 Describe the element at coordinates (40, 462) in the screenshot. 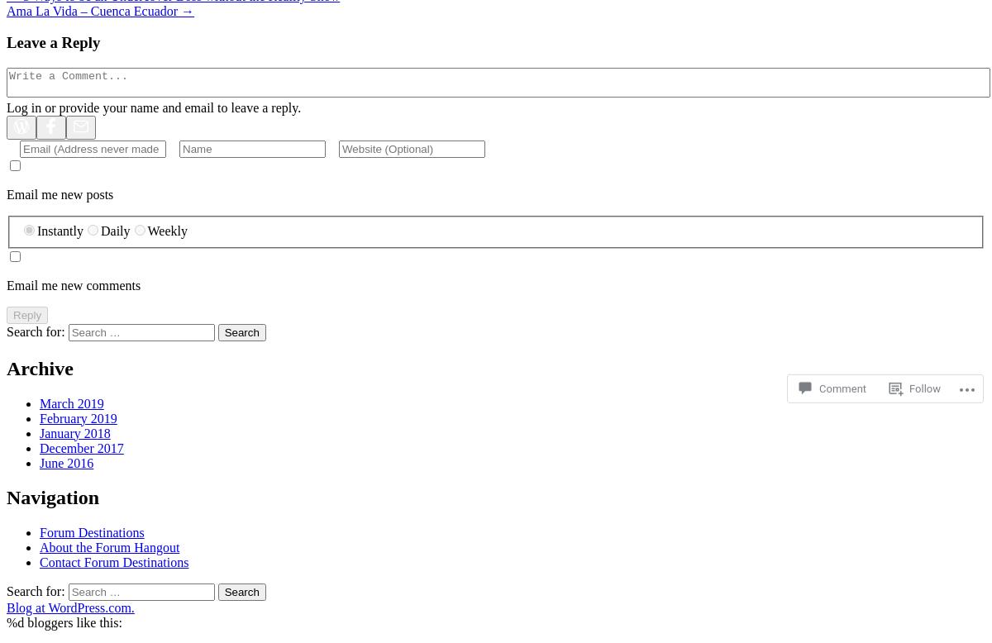

I see `'June 2016'` at that location.